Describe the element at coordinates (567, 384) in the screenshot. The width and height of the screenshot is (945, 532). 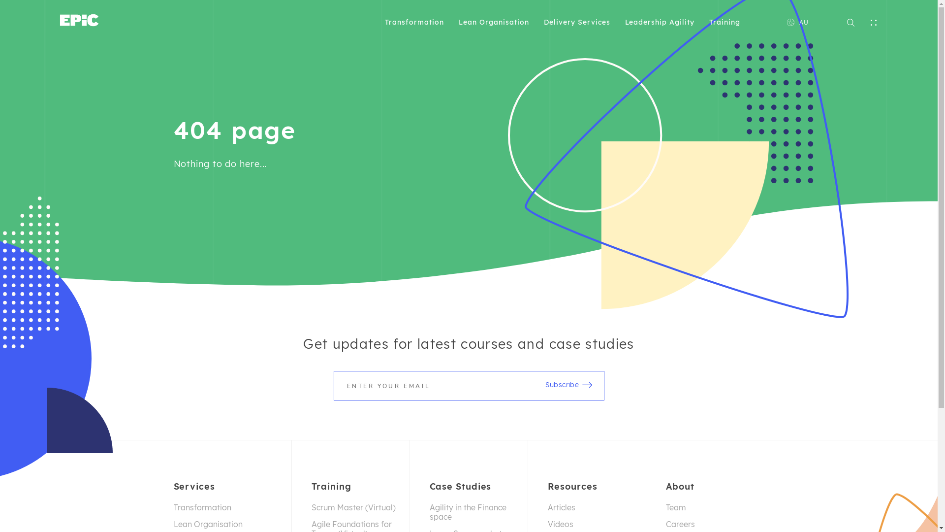
I see `'Subscribe'` at that location.